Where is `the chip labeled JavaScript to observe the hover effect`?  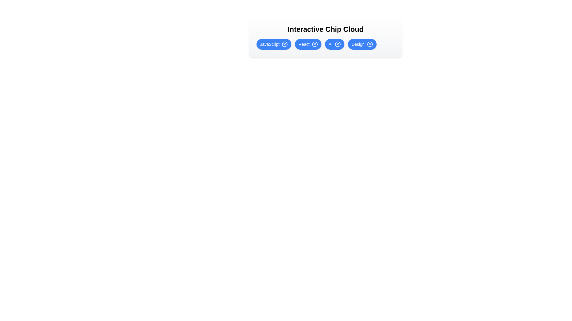
the chip labeled JavaScript to observe the hover effect is located at coordinates (273, 44).